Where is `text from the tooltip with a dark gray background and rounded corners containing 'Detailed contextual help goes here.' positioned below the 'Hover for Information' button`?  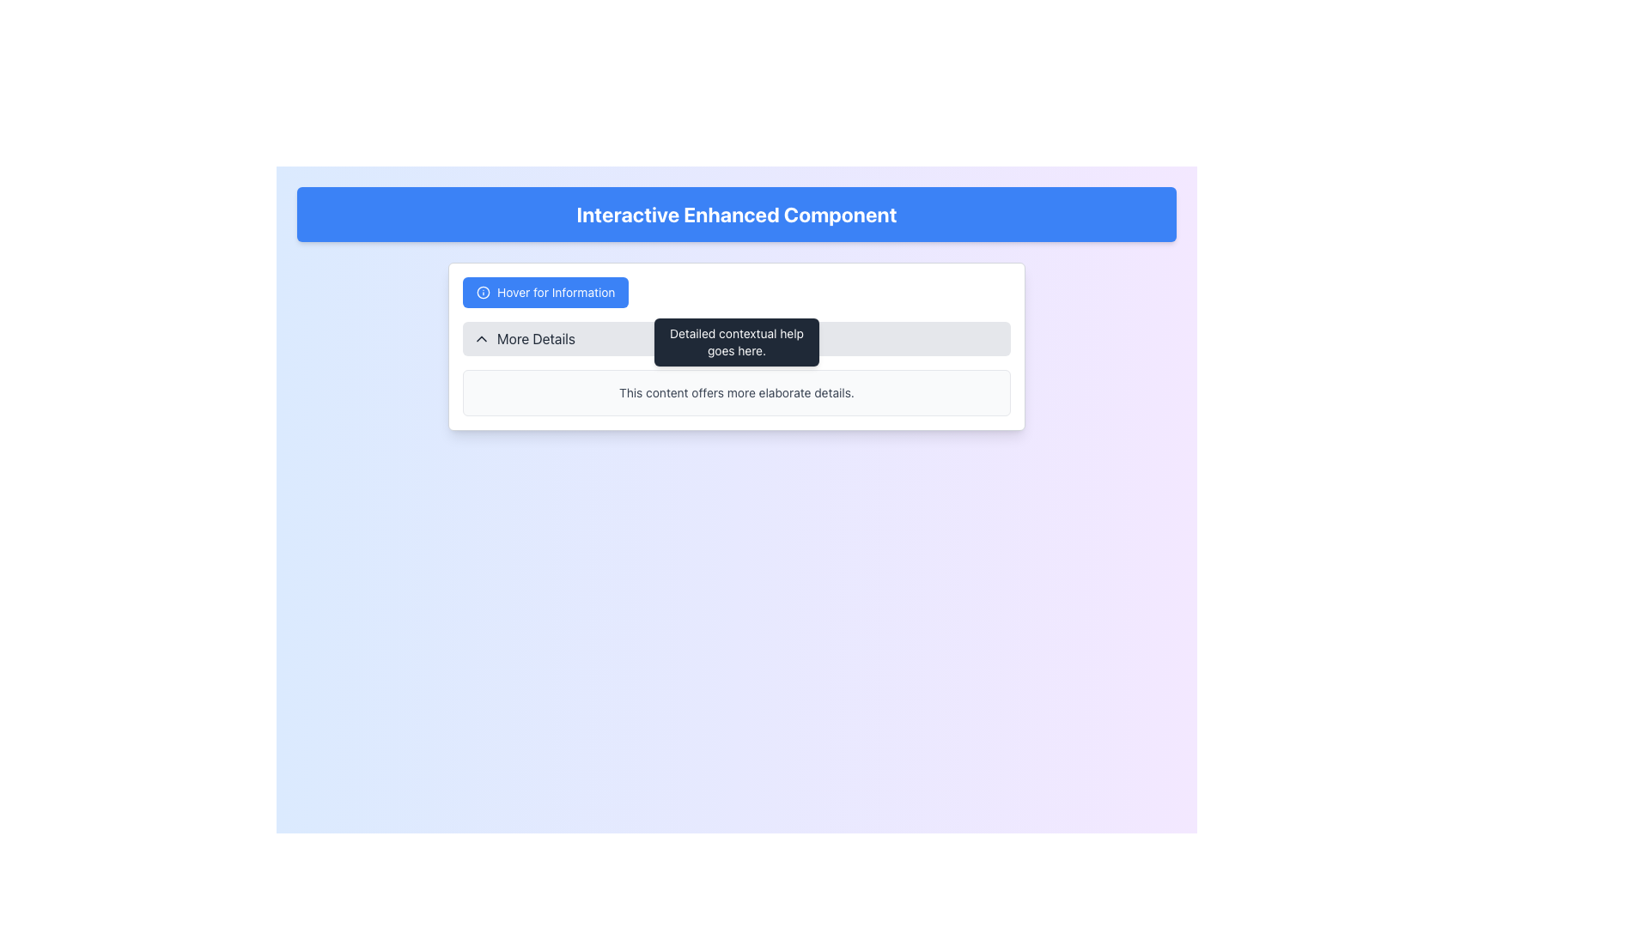 text from the tooltip with a dark gray background and rounded corners containing 'Detailed contextual help goes here.' positioned below the 'Hover for Information' button is located at coordinates (737, 342).